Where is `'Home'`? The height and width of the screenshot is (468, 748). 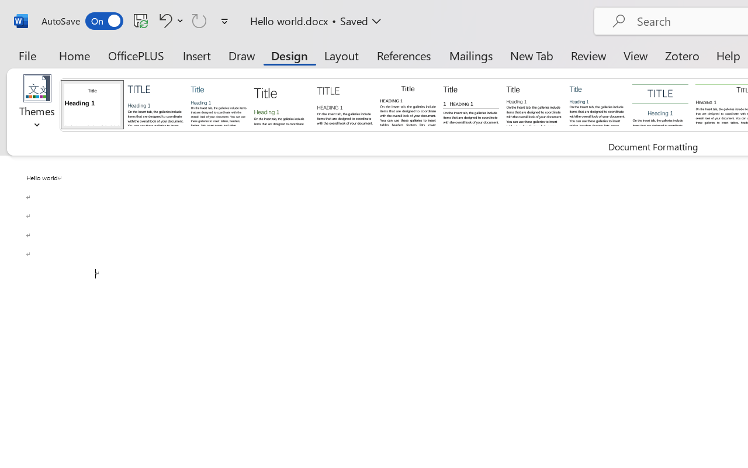 'Home' is located at coordinates (74, 55).